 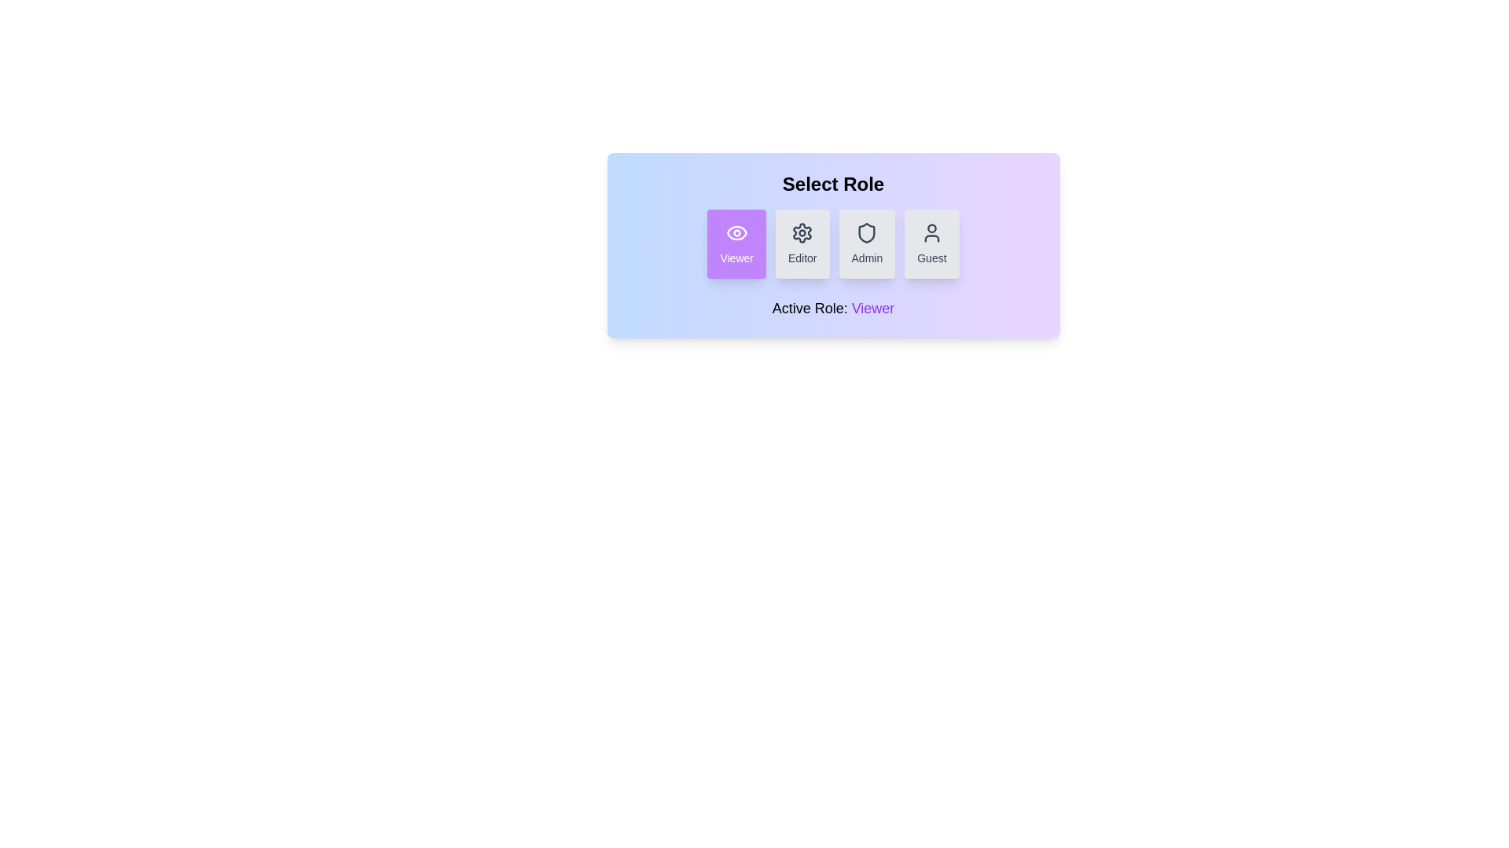 I want to click on the role button corresponding to Editor, so click(x=802, y=244).